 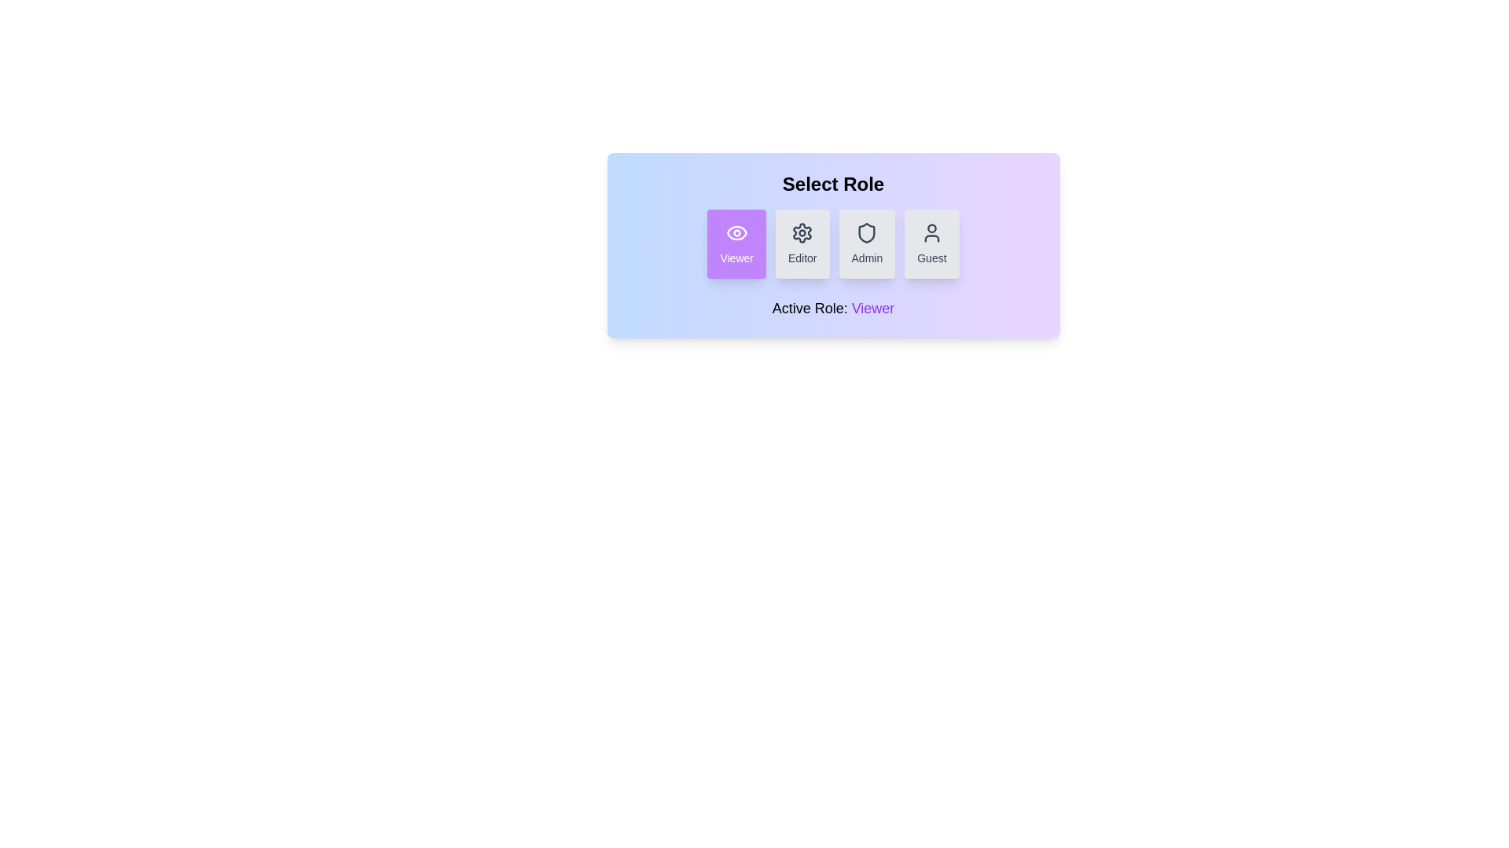 I want to click on the role button corresponding to Editor, so click(x=802, y=244).